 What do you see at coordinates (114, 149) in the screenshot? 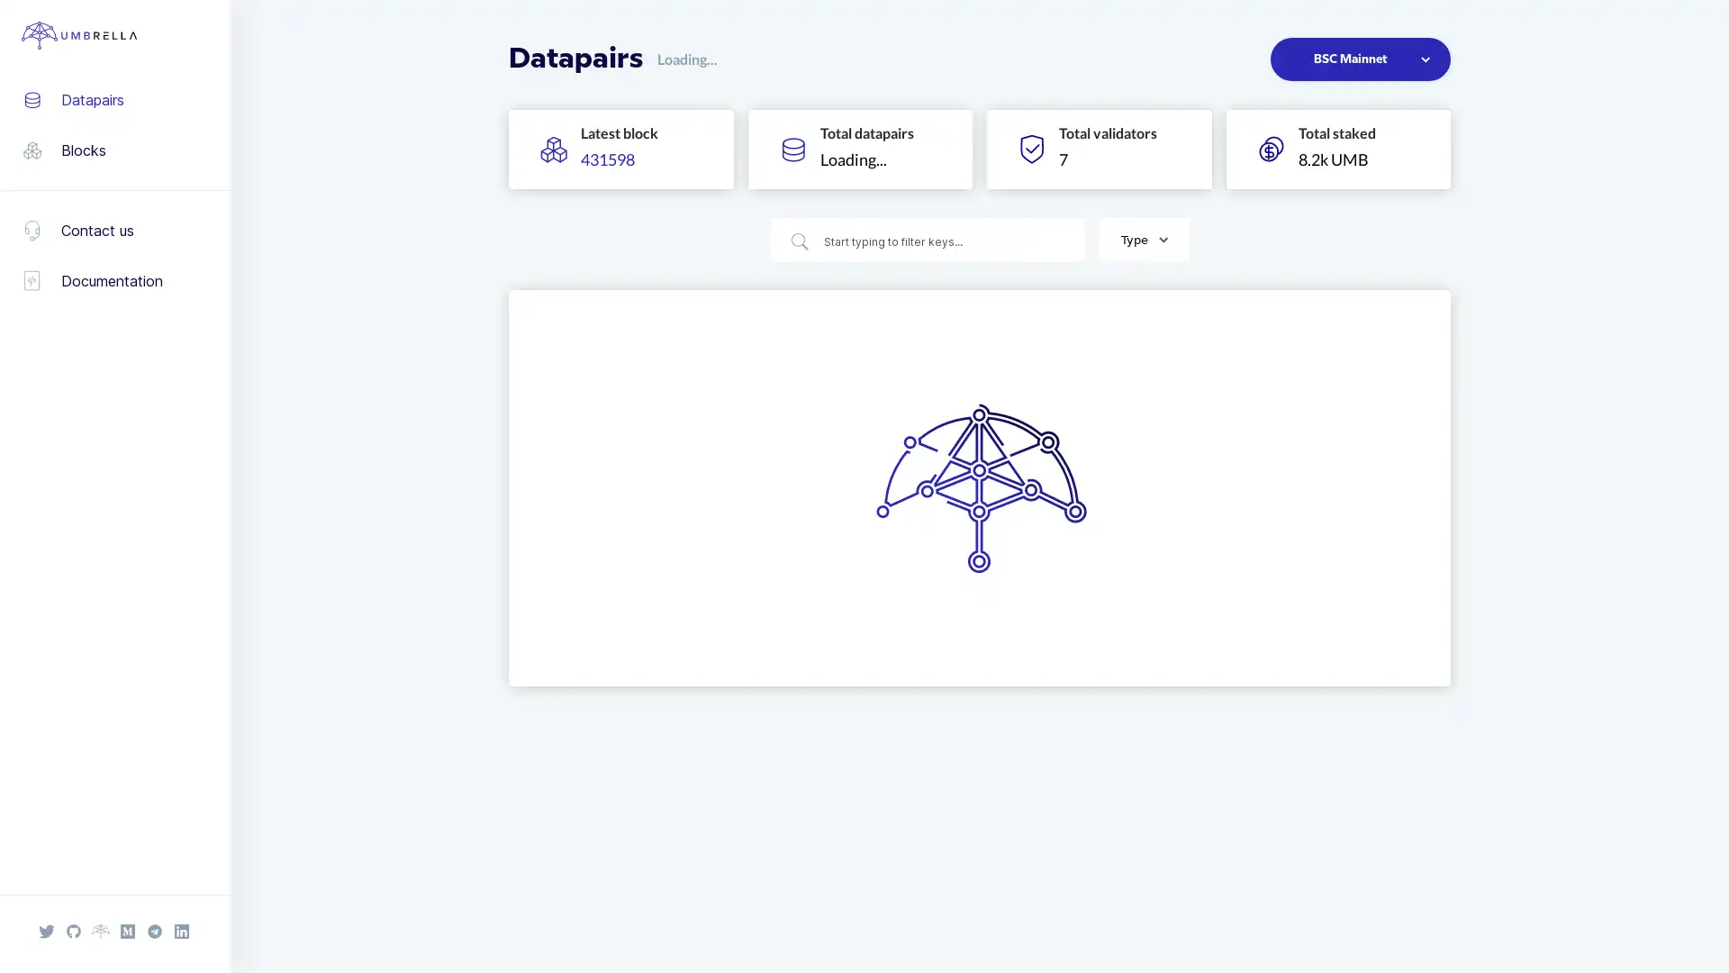
I see `Blocks` at bounding box center [114, 149].